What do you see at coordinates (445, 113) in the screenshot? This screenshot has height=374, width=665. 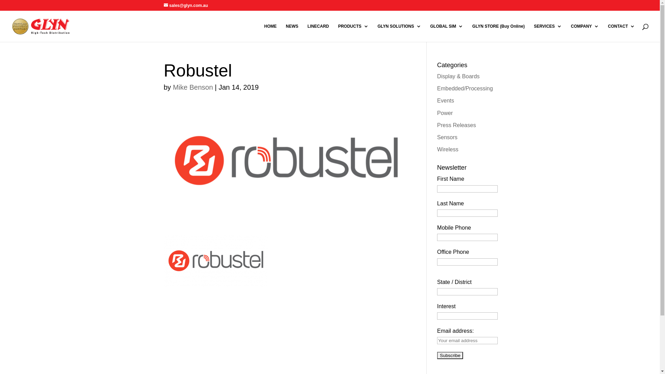 I see `'Power'` at bounding box center [445, 113].